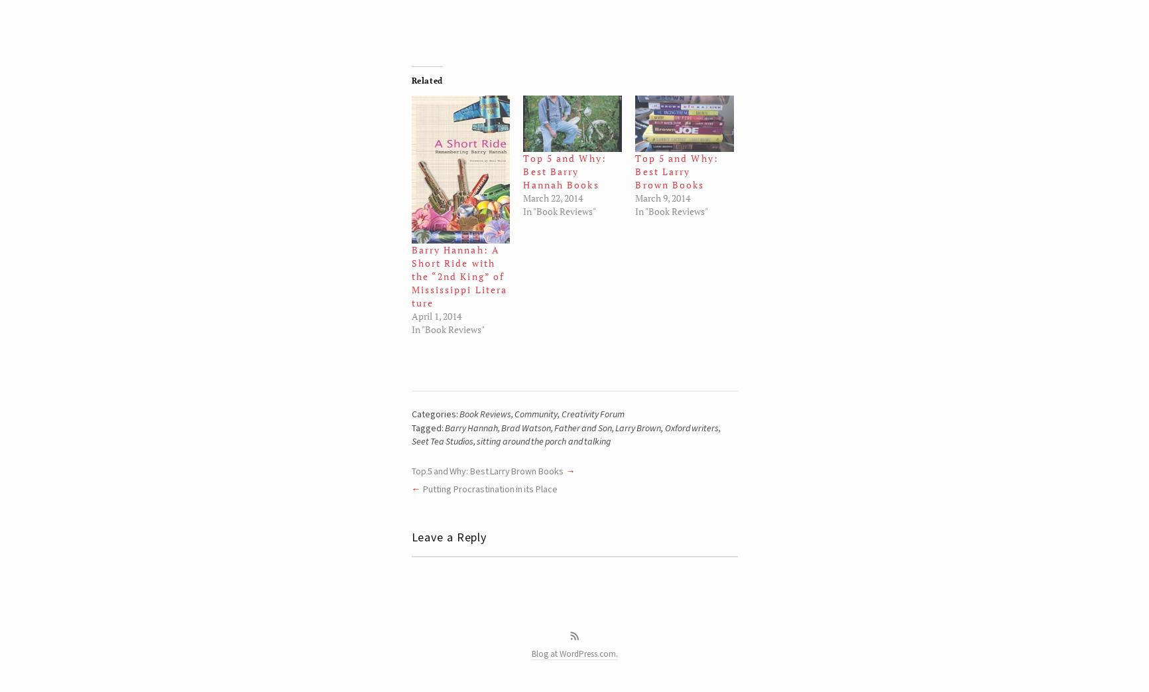  I want to click on 'Blog at WordPress.com.', so click(530, 654).